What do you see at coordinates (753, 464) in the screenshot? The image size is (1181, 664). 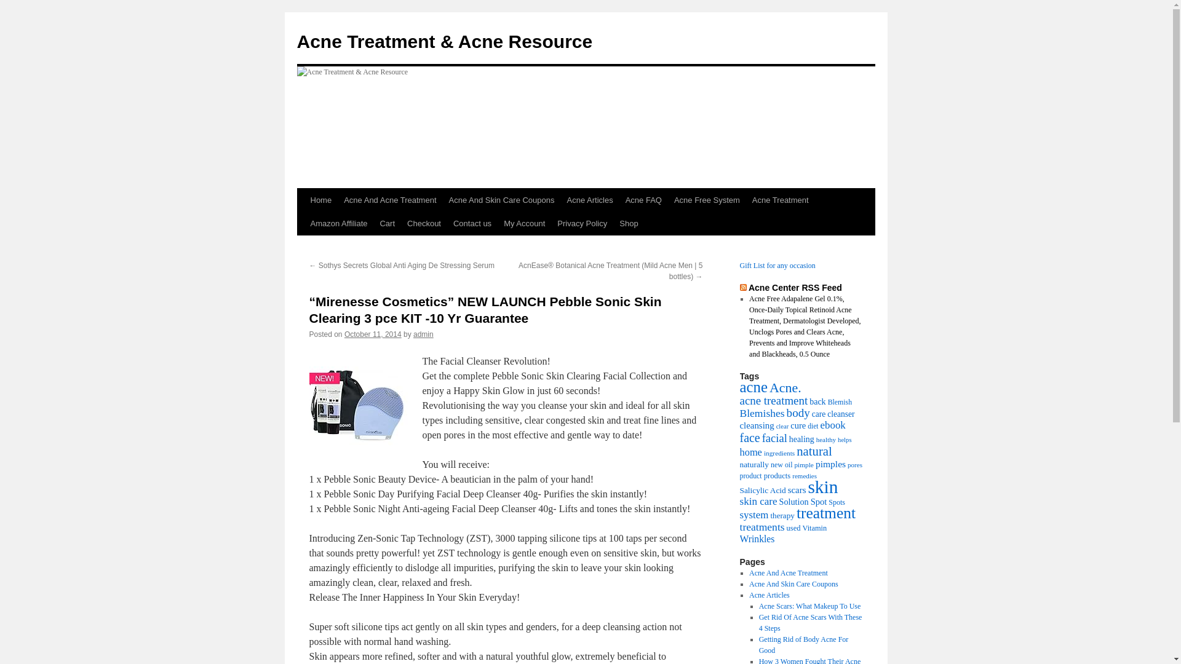 I see `'naturally'` at bounding box center [753, 464].